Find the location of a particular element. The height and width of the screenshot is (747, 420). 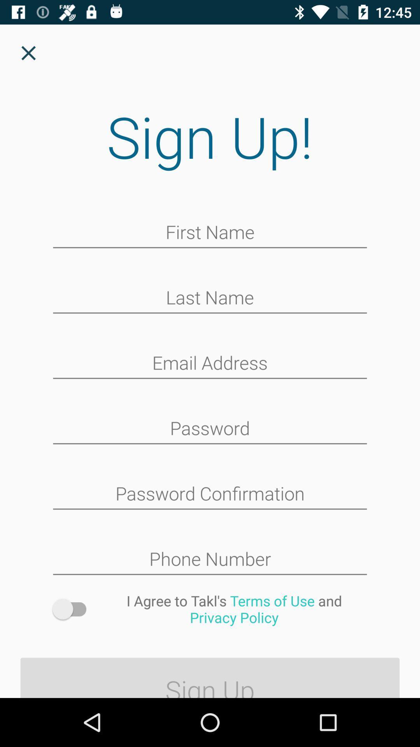

auto notification option is located at coordinates (73, 608).